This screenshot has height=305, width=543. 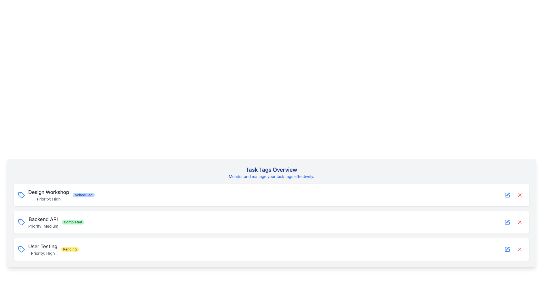 What do you see at coordinates (508, 221) in the screenshot?
I see `the 'edit' icon in the SVG component associated with the 'User Testing' task` at bounding box center [508, 221].